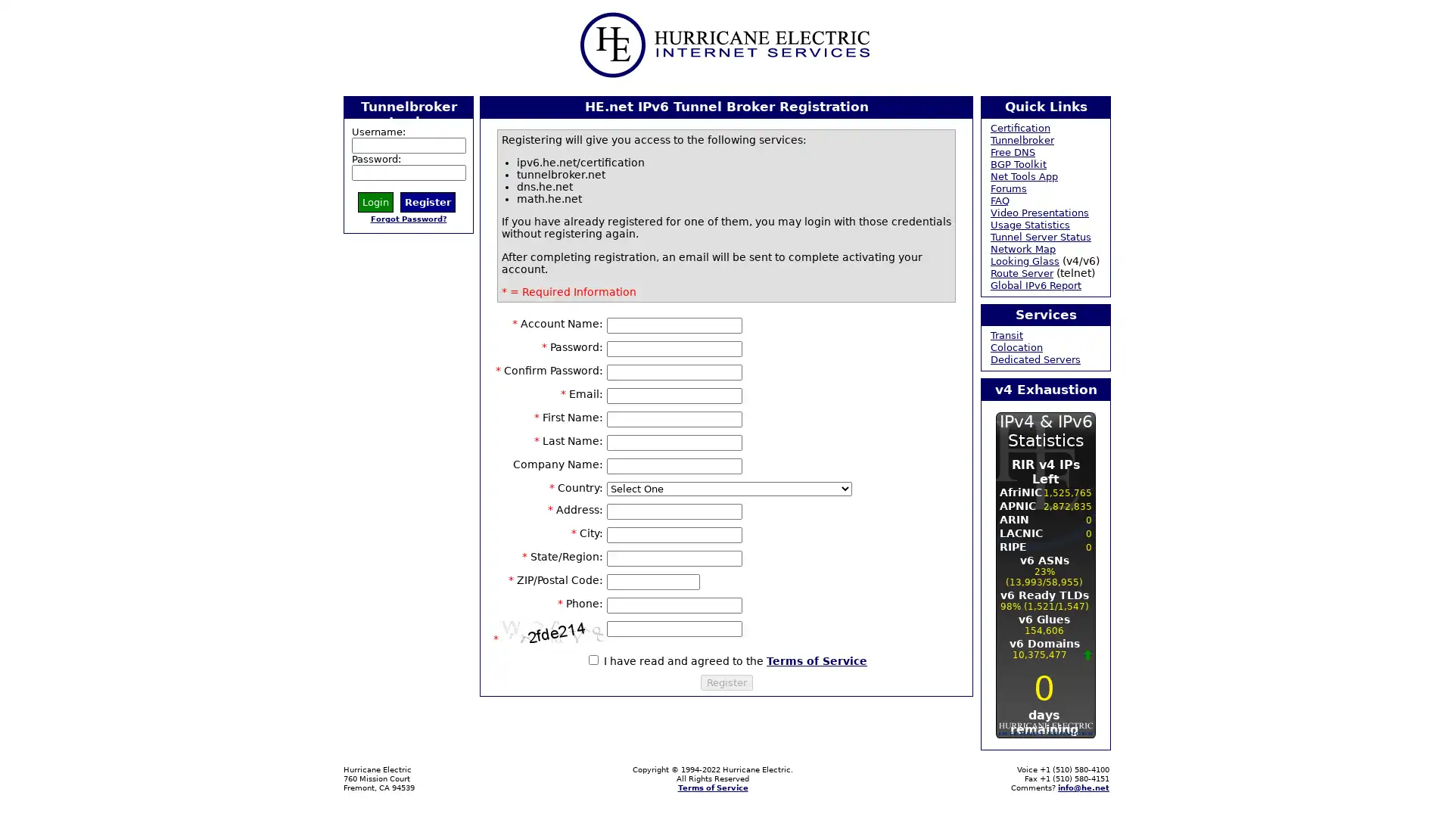 This screenshot has width=1453, height=817. Describe the element at coordinates (725, 682) in the screenshot. I see `Register` at that location.